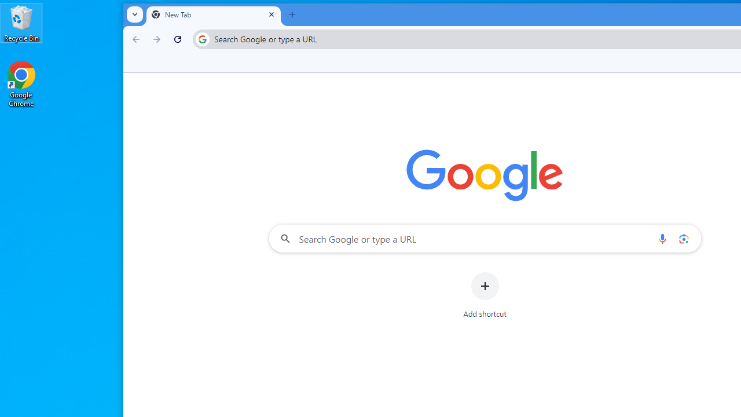 The image size is (741, 417). What do you see at coordinates (21, 23) in the screenshot?
I see `'Recycle Bin'` at bounding box center [21, 23].